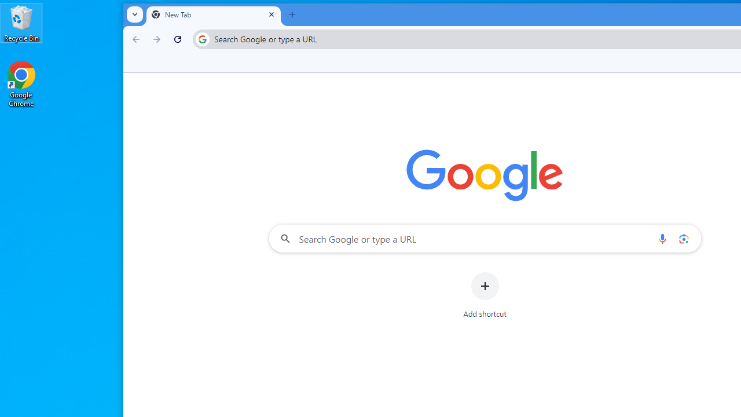 The image size is (741, 417). What do you see at coordinates (21, 23) in the screenshot?
I see `'Recycle Bin'` at bounding box center [21, 23].